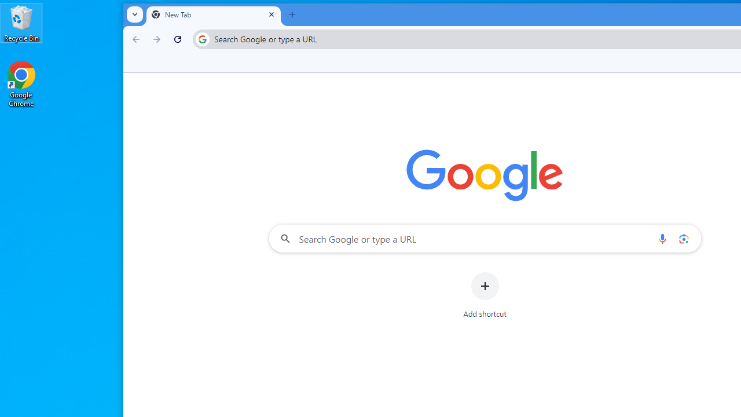 The image size is (741, 417). What do you see at coordinates (21, 23) in the screenshot?
I see `'Recycle Bin'` at bounding box center [21, 23].